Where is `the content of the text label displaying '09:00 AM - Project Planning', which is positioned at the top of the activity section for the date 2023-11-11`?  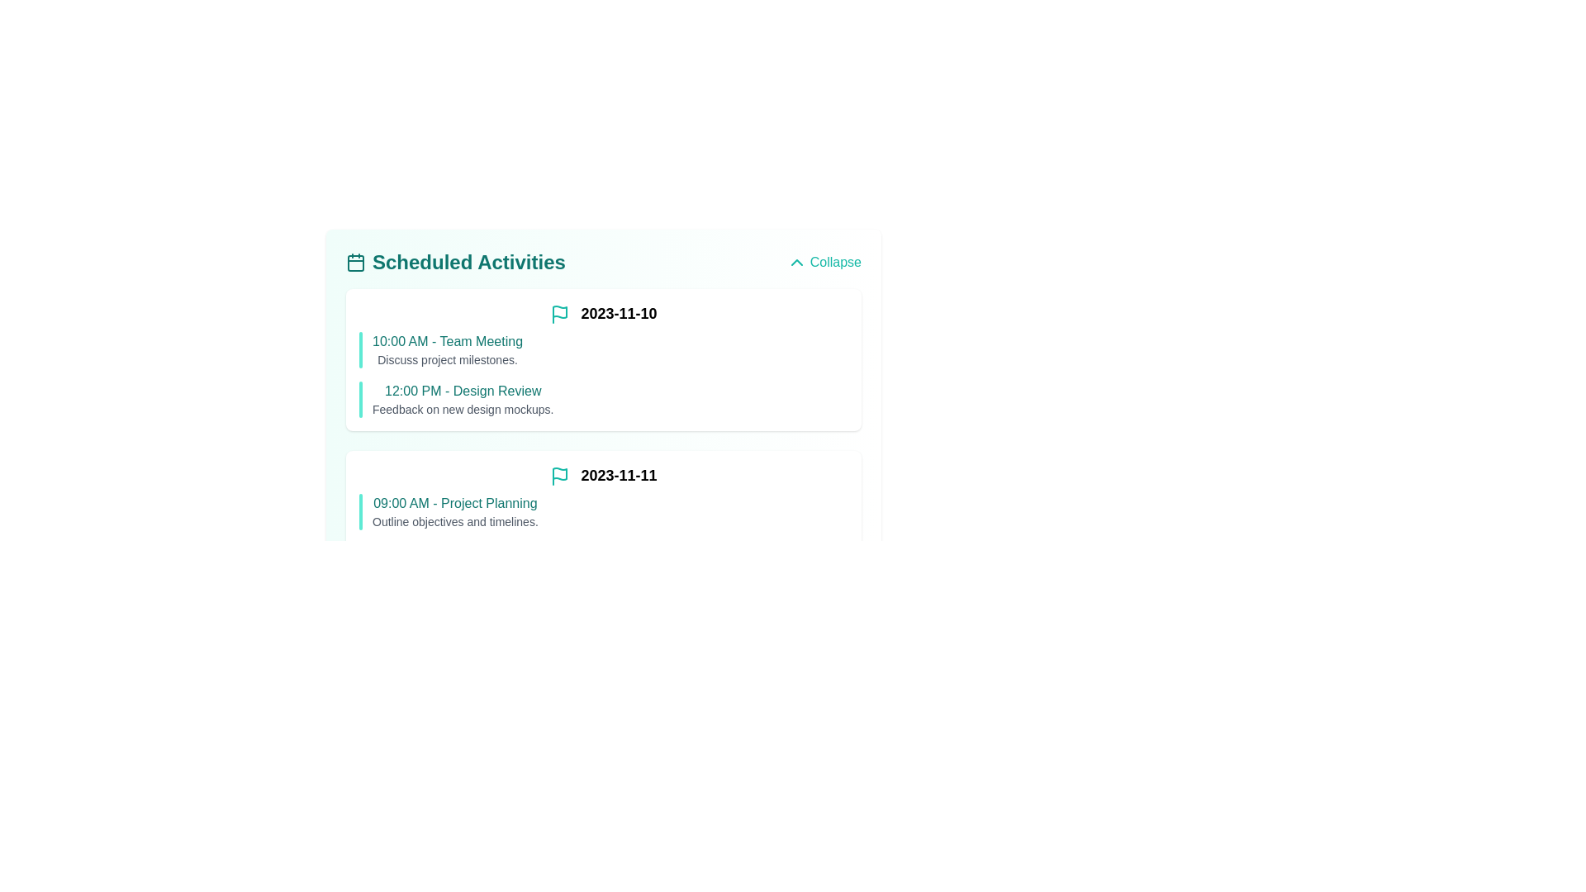 the content of the text label displaying '09:00 AM - Project Planning', which is positioned at the top of the activity section for the date 2023-11-11 is located at coordinates (455, 502).